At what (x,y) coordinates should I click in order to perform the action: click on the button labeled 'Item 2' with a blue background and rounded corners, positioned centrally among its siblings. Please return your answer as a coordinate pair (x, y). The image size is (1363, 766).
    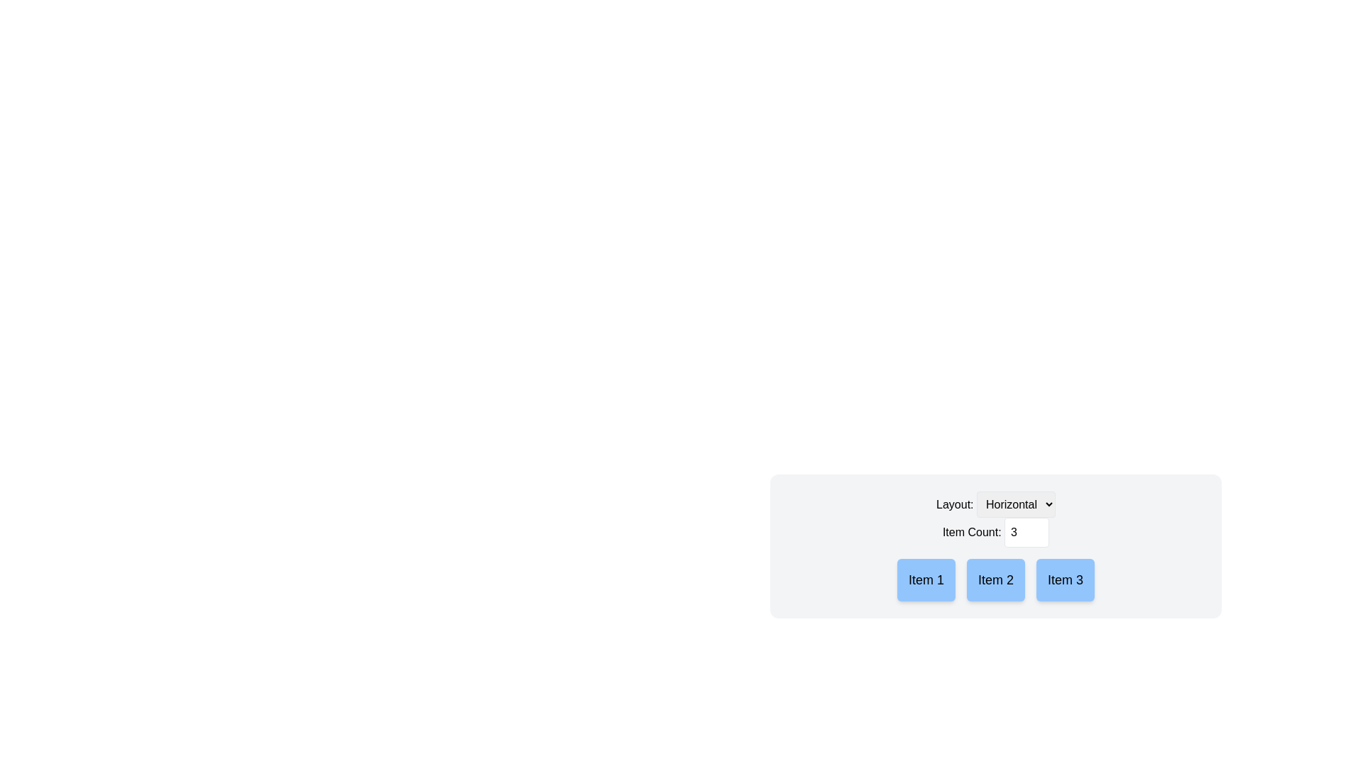
    Looking at the image, I should click on (995, 579).